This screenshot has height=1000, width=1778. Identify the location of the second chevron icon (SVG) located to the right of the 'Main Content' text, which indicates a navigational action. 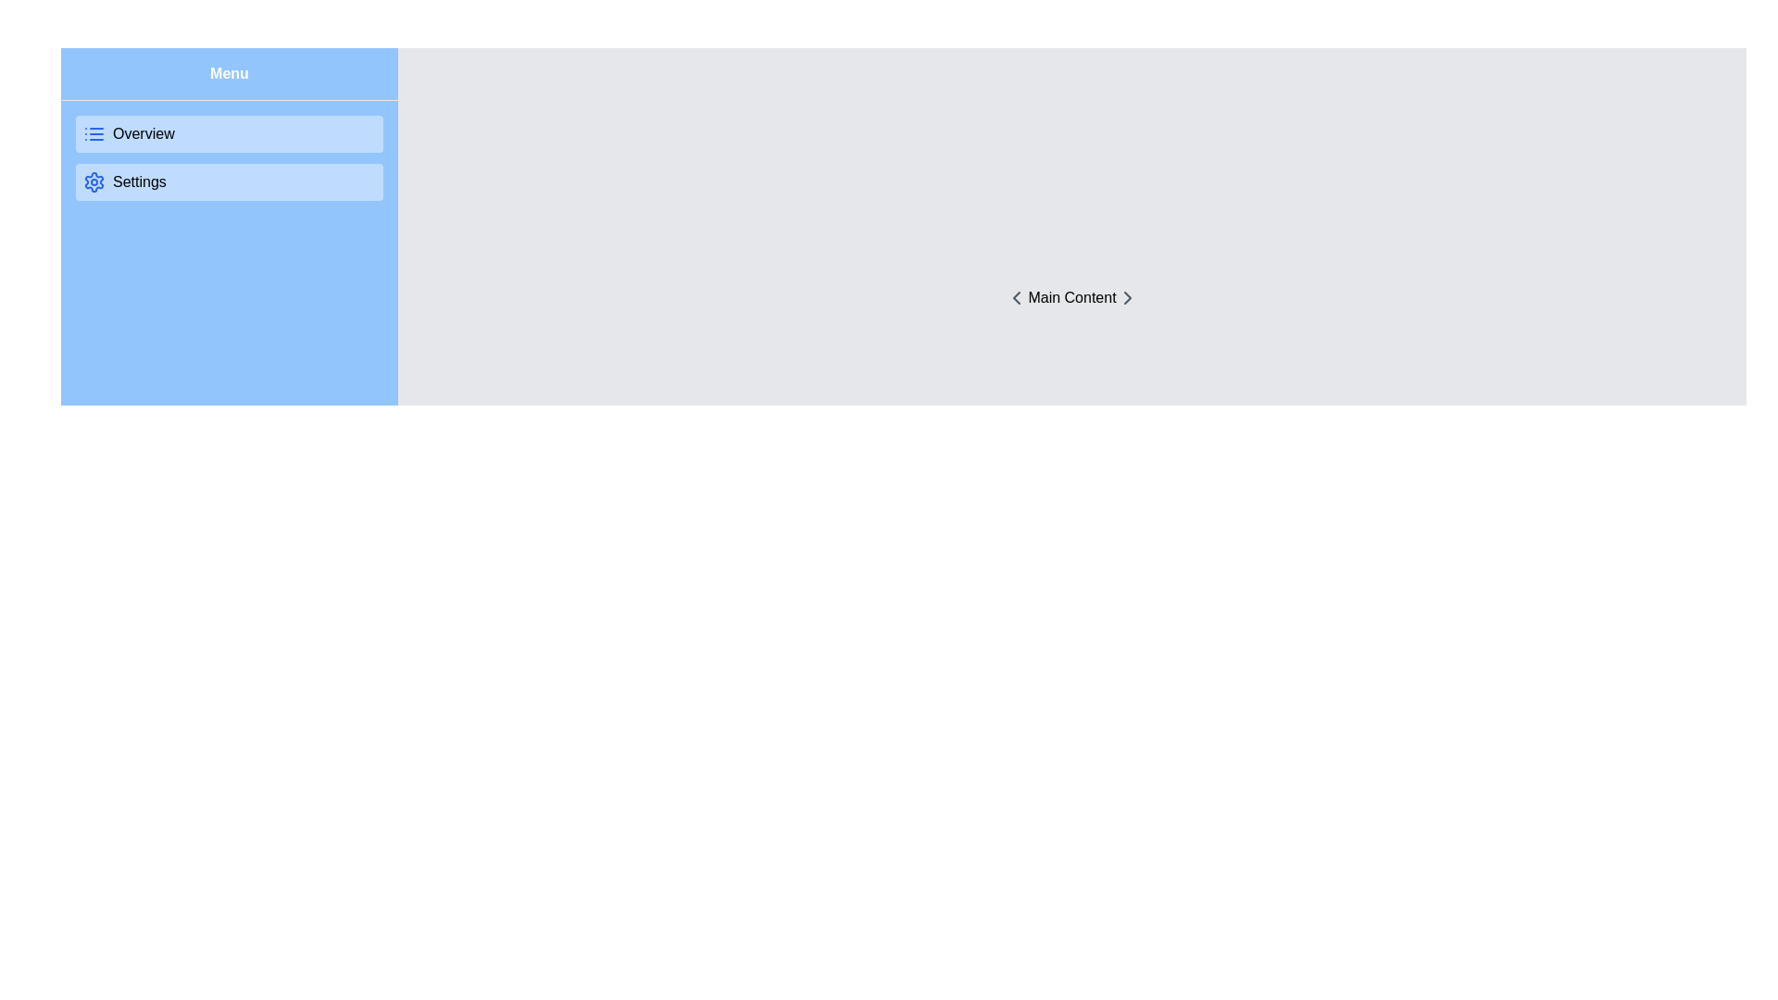
(1126, 296).